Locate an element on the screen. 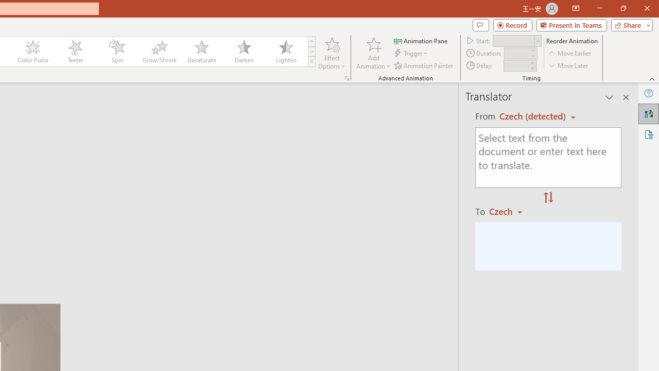 Image resolution: width=659 pixels, height=371 pixels. 'Animation Painter' is located at coordinates (424, 65).